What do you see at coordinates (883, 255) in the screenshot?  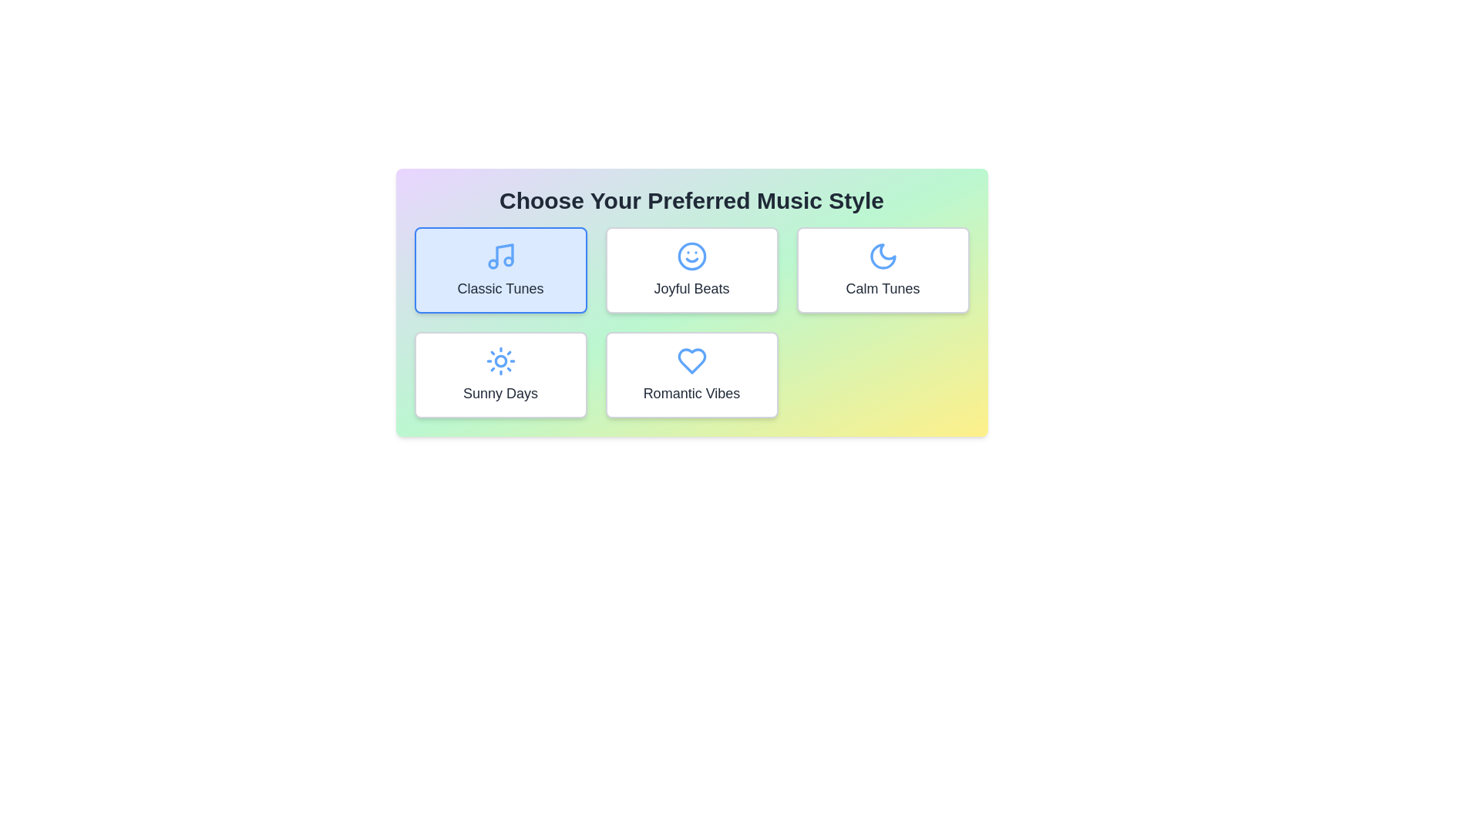 I see `the decorative icon representing the 'Calm Tunes' option within the selection menu located in the top-right corner of the 2x3 grid layout` at bounding box center [883, 255].